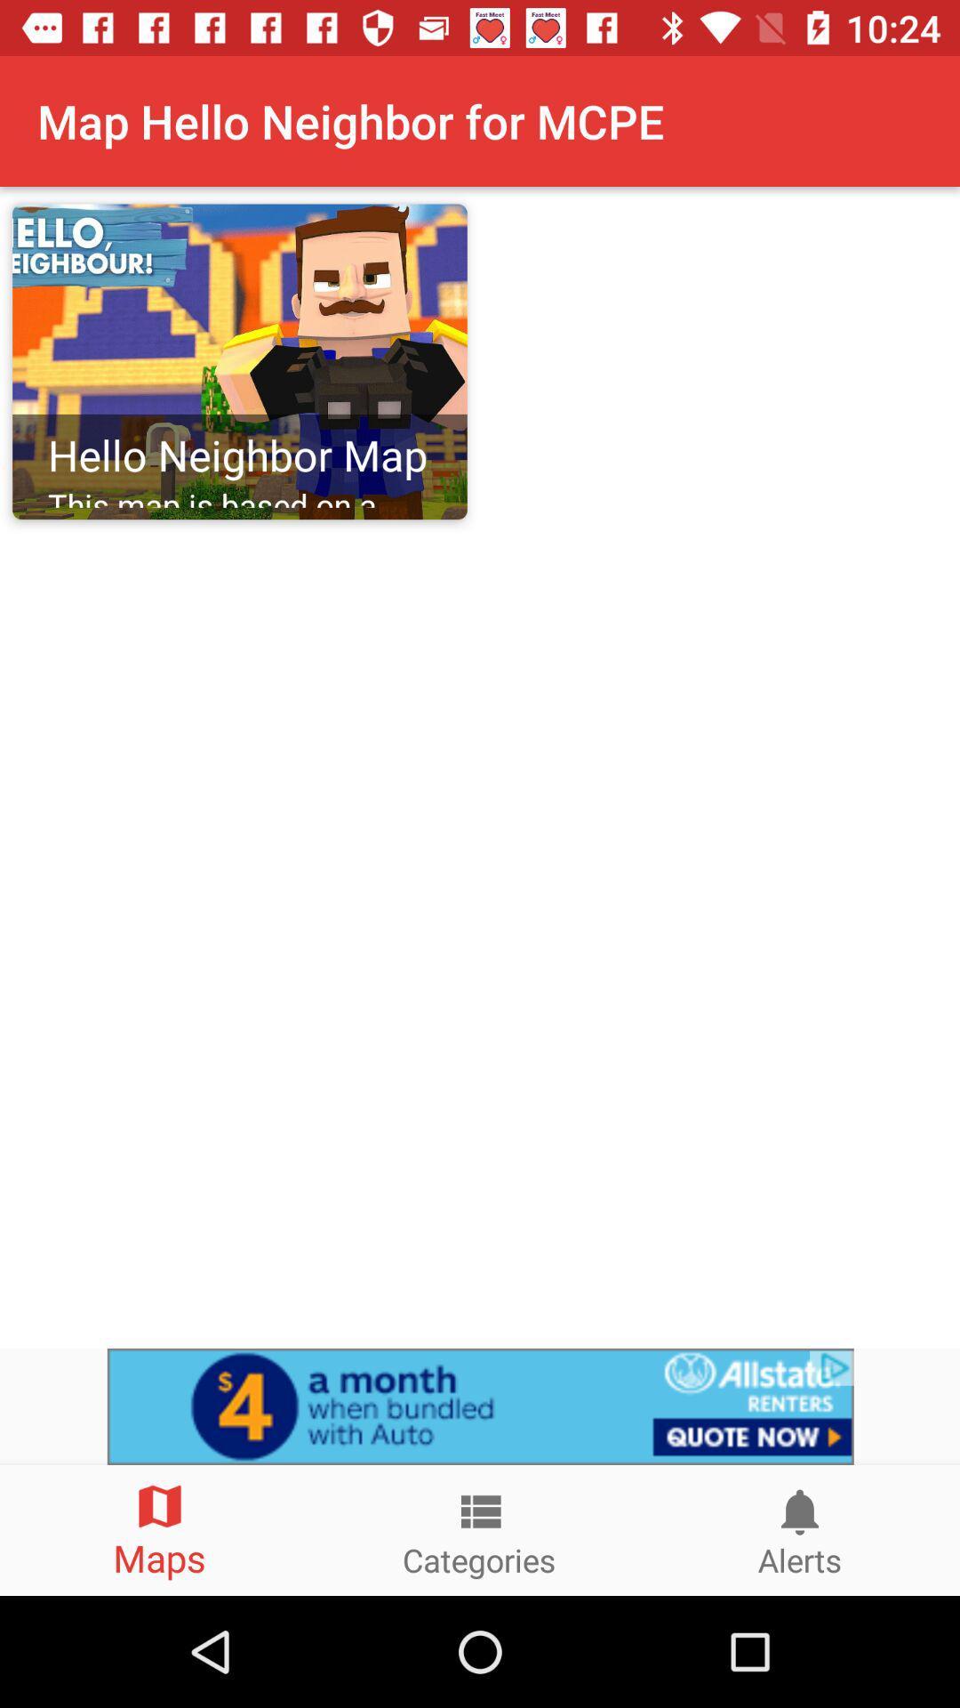 The image size is (960, 1708). I want to click on advertisement, so click(480, 1406).